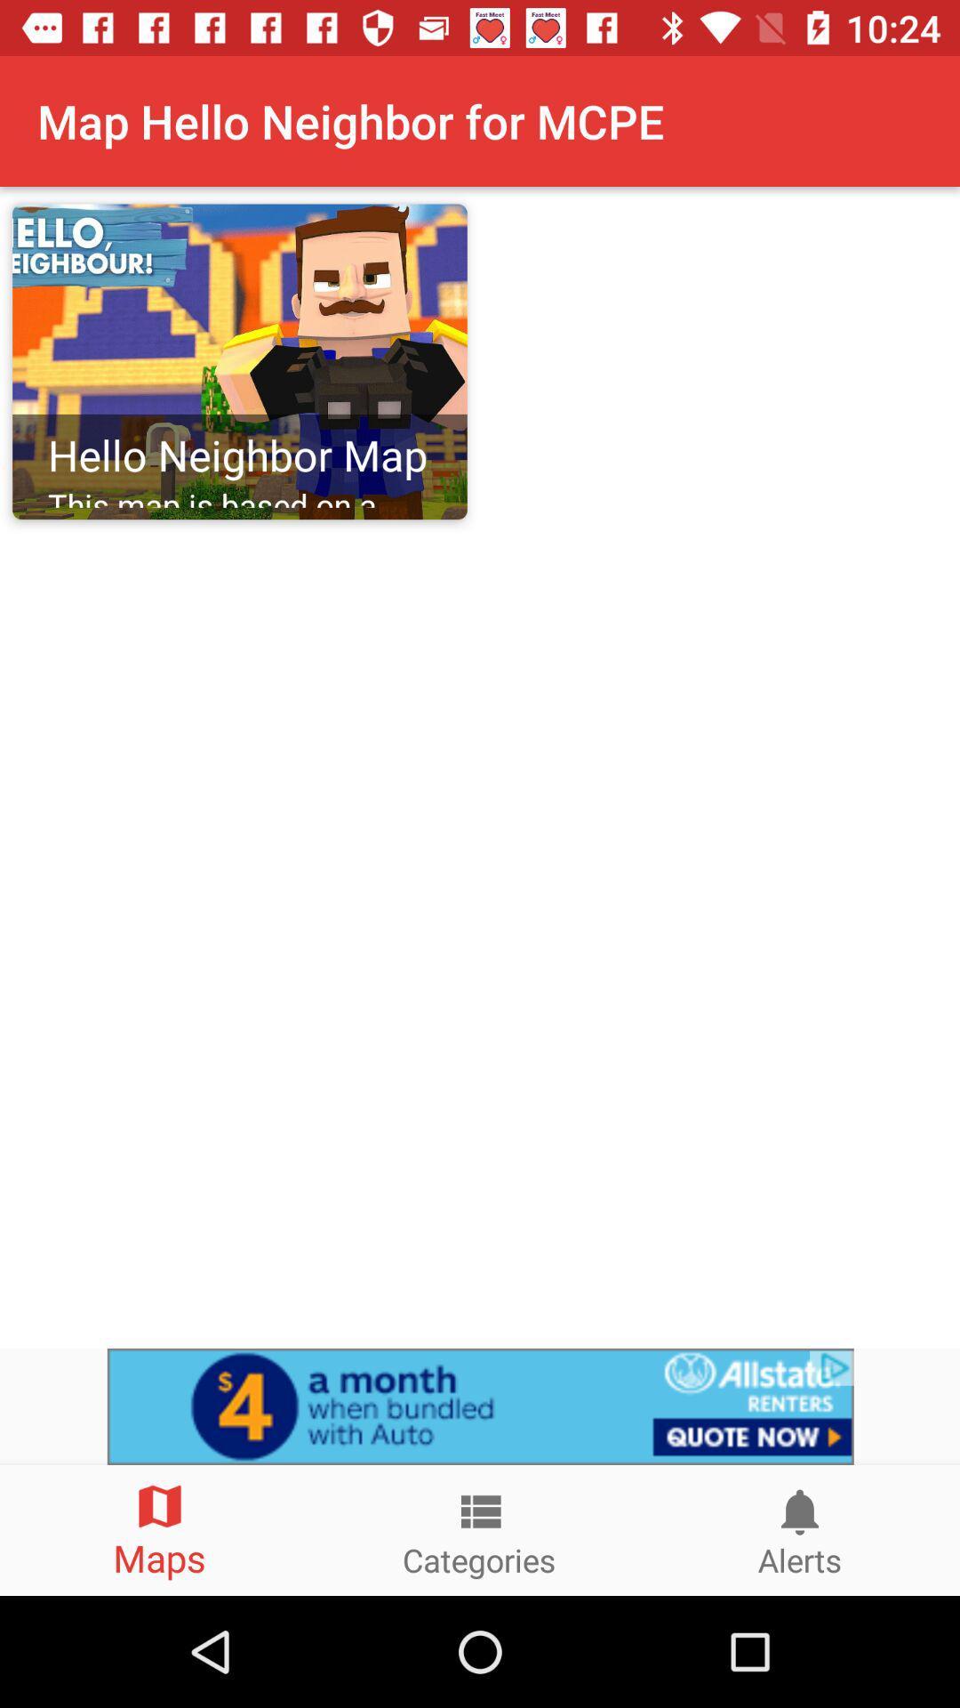 The image size is (960, 1708). I want to click on advertisement, so click(480, 1406).